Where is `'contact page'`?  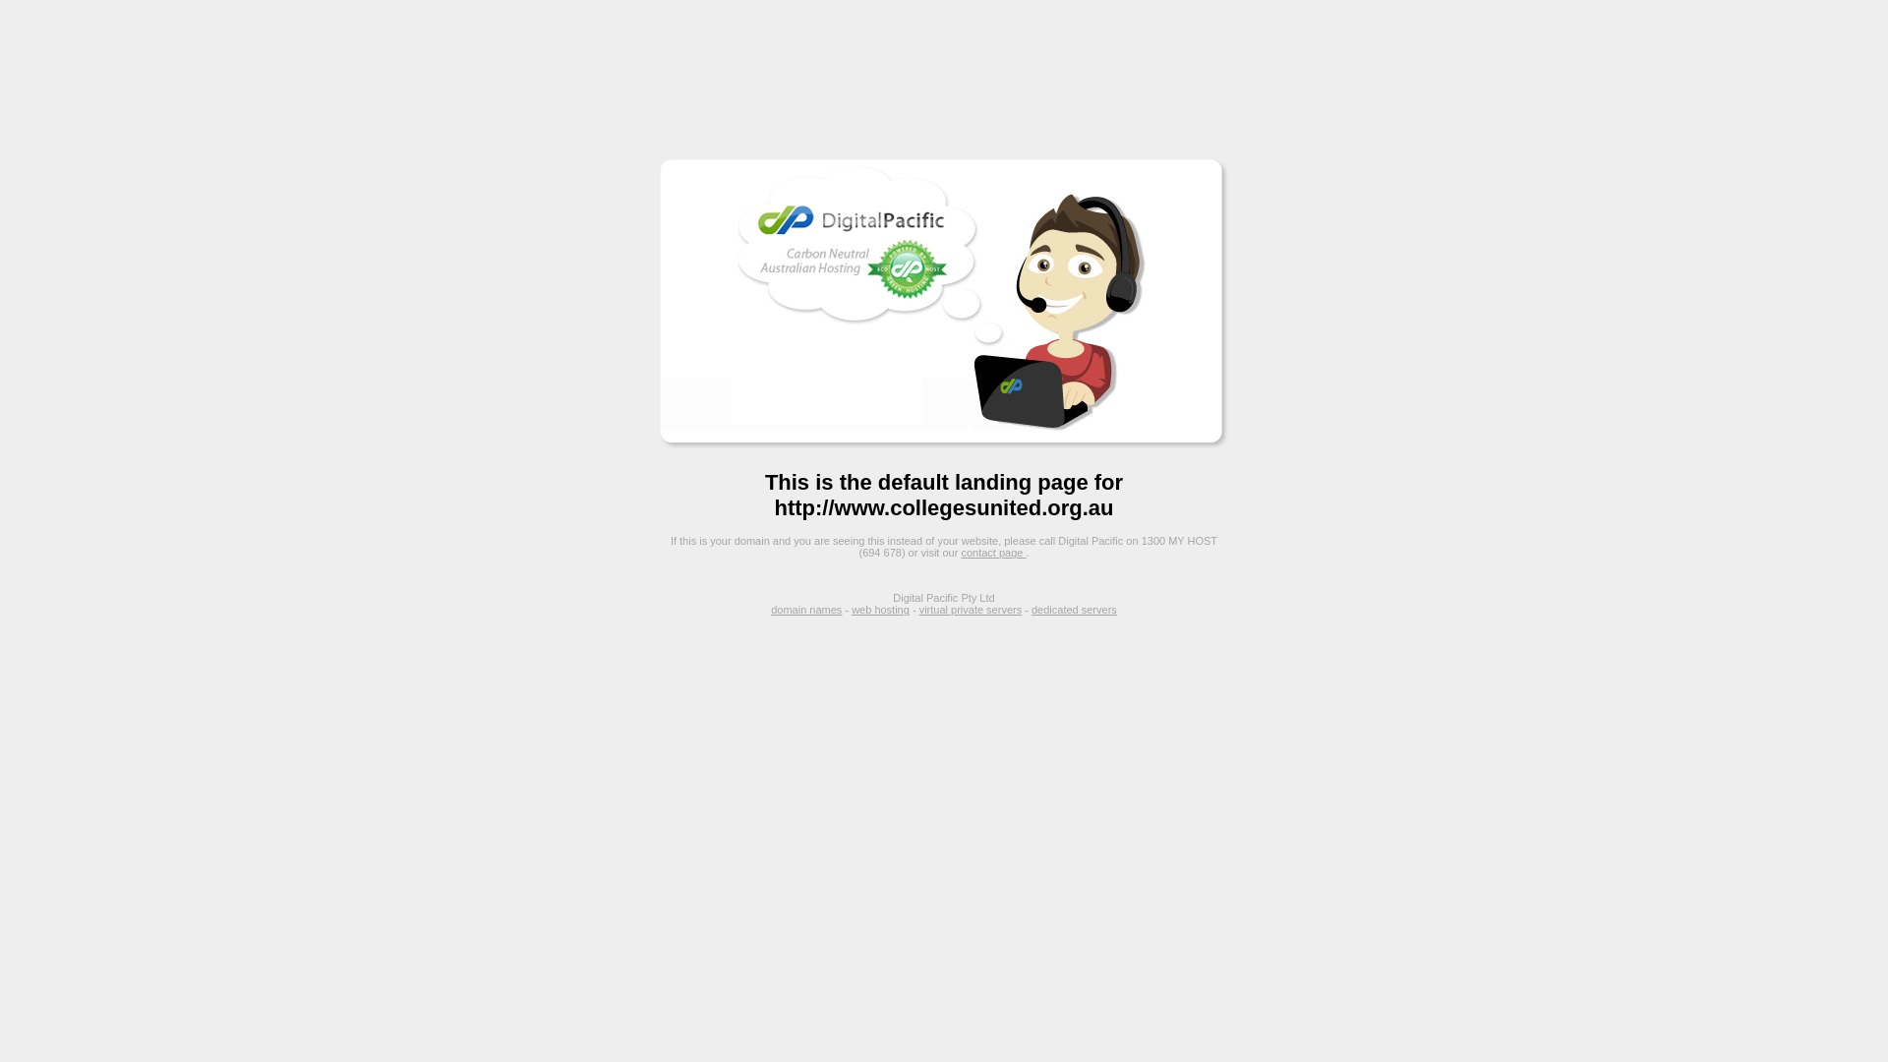
'contact page' is located at coordinates (992, 553).